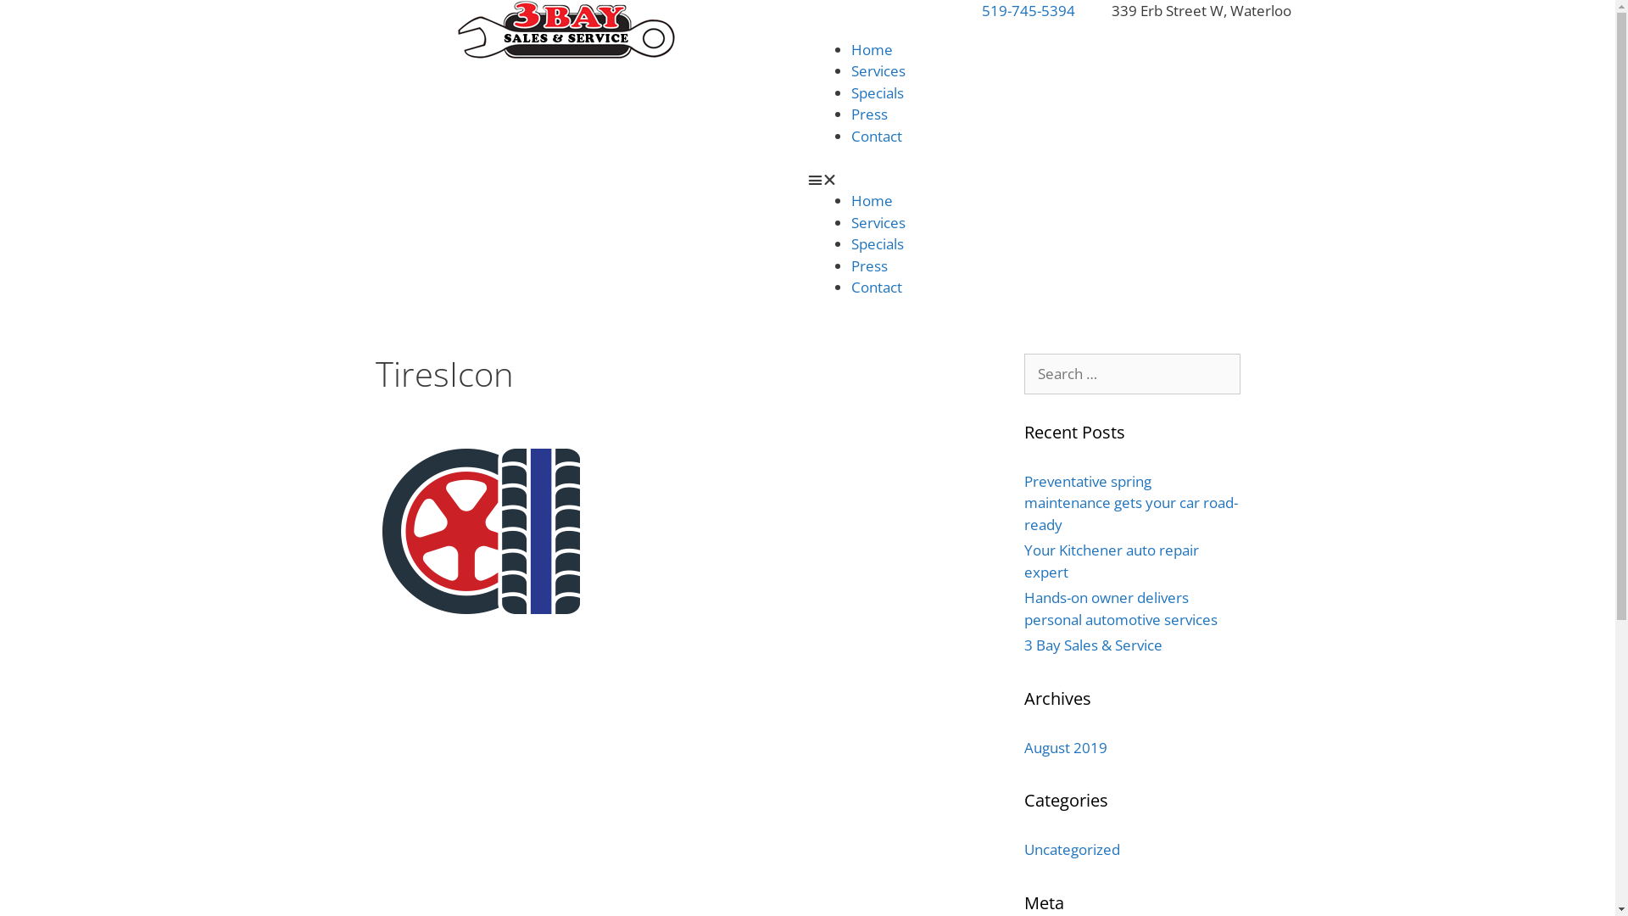 The image size is (1628, 916). What do you see at coordinates (1023, 372) in the screenshot?
I see `'Search for:'` at bounding box center [1023, 372].